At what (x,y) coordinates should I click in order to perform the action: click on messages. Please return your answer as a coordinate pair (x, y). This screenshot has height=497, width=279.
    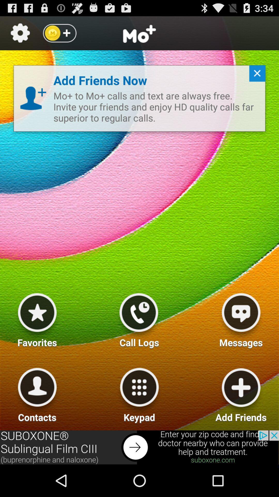
    Looking at the image, I should click on (241, 318).